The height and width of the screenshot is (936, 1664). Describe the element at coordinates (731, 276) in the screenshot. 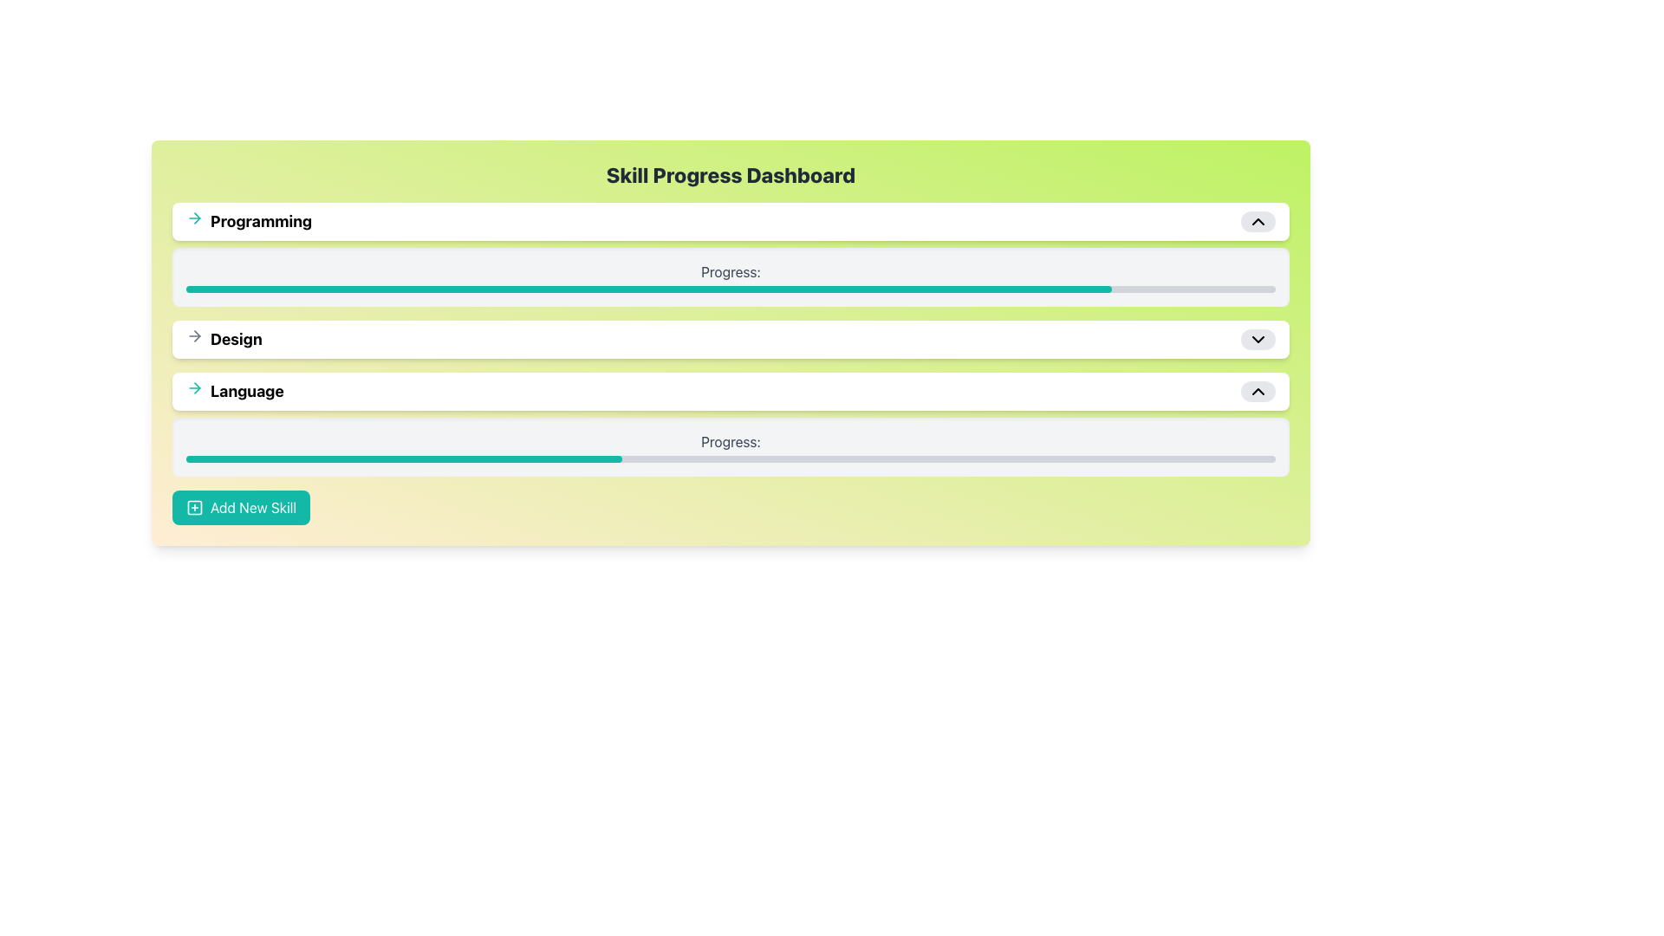

I see `the Progress Bar element located below the 'Programming' section, which visually indicates the completion rate of a task` at that location.